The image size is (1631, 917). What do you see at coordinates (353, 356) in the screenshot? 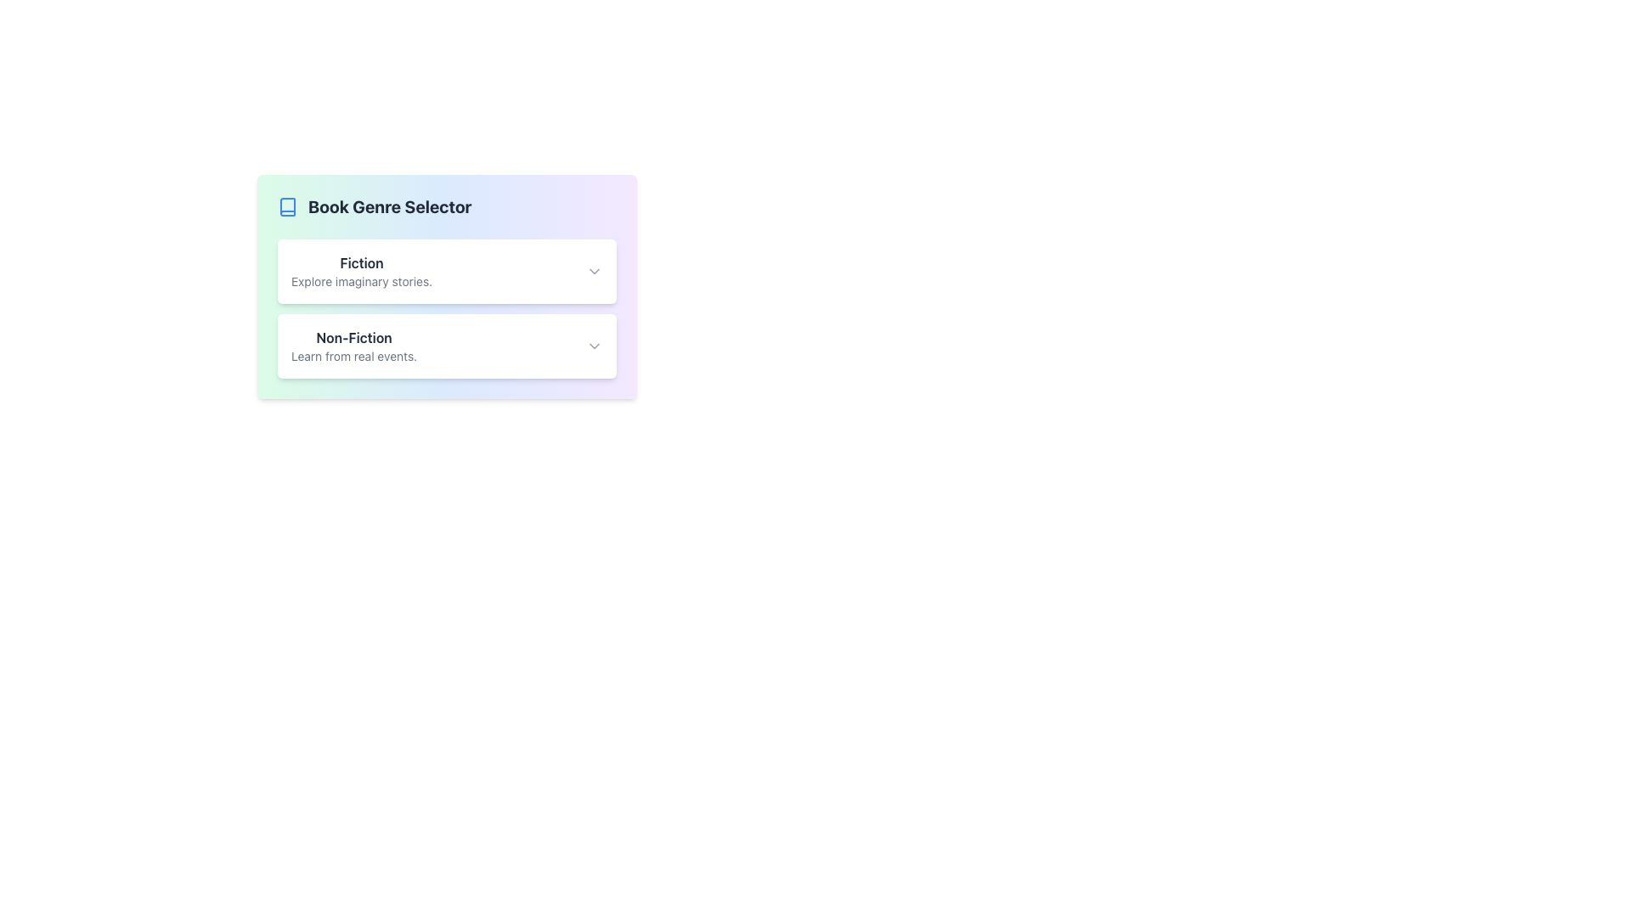
I see `descriptive text element located beneath the 'Non-Fiction' label to understand its meaning` at bounding box center [353, 356].